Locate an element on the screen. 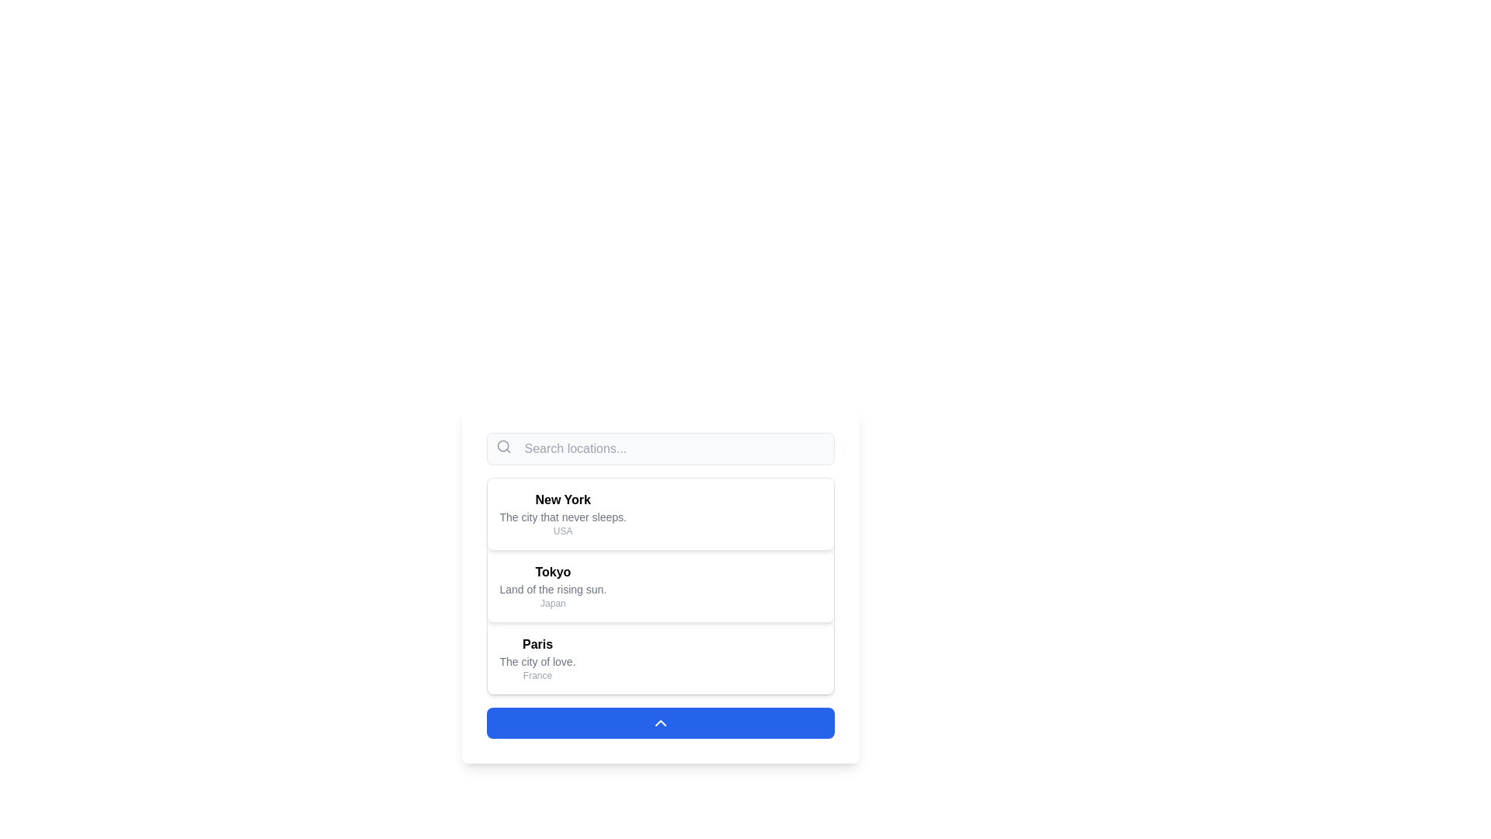 The height and width of the screenshot is (839, 1491). the static textual description element that provides additional context below 'New York' and above 'USA' is located at coordinates (562, 517).